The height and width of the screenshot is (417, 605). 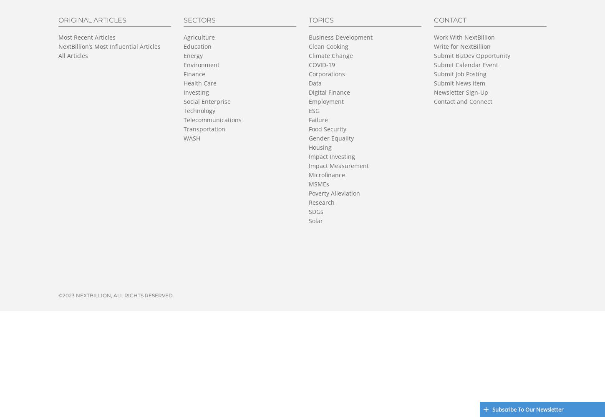 I want to click on 'Education', so click(x=197, y=45).